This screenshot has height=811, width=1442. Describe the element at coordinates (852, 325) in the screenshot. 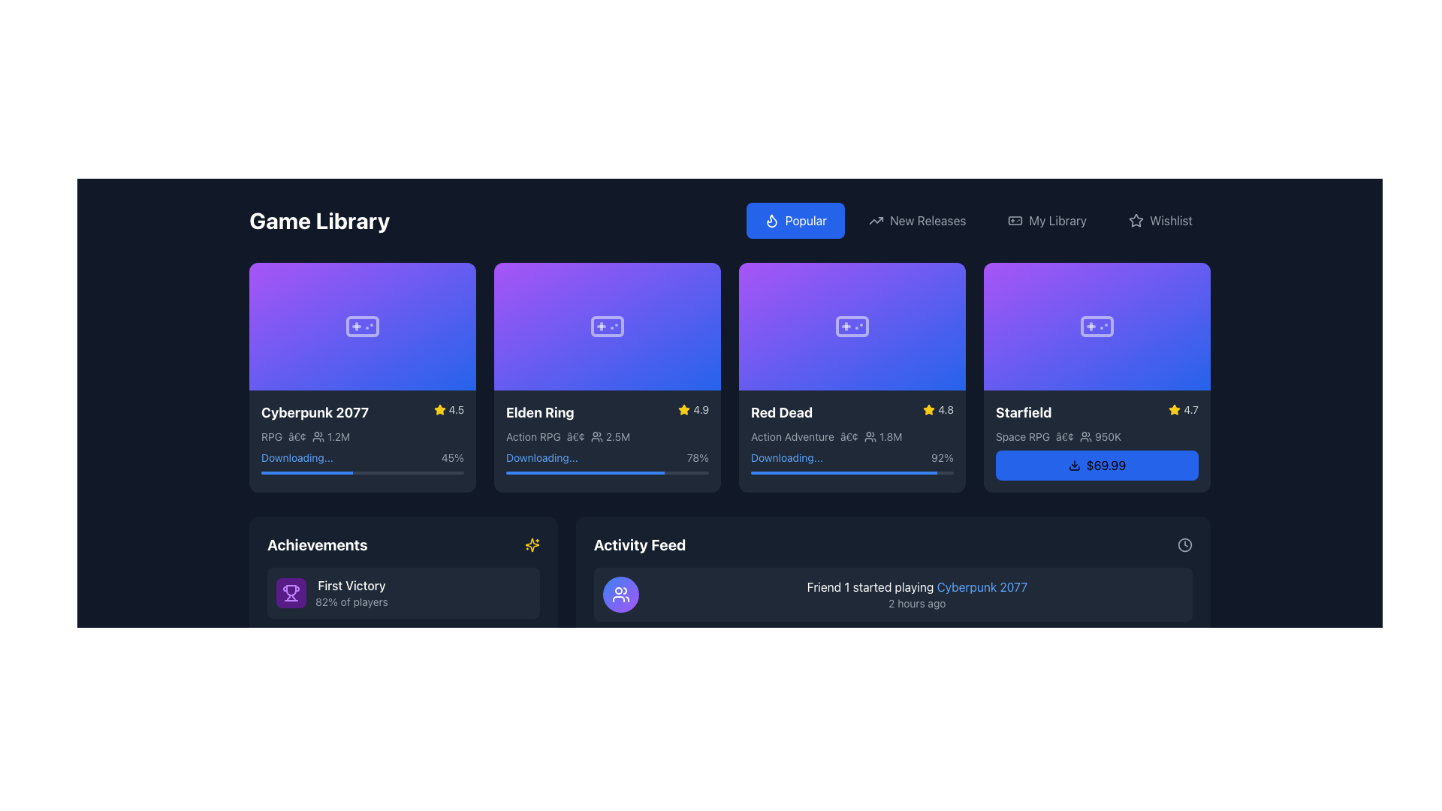

I see `the icon represented by a graphical indicator located in the third card from the left in the top row of a gradient purple square card` at that location.